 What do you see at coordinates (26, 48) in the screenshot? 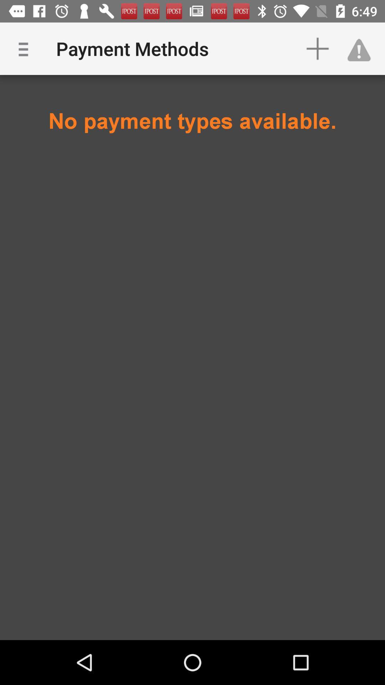
I see `the item to the left of the payment methods icon` at bounding box center [26, 48].